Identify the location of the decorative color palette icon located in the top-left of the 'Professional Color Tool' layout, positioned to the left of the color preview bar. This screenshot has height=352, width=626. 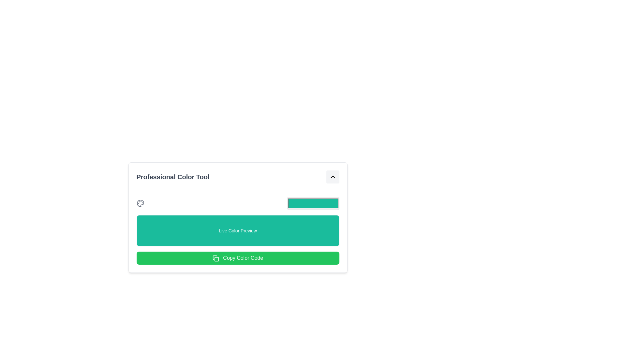
(140, 203).